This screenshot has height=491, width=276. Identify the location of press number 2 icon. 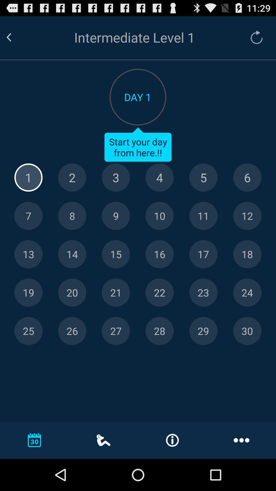
(72, 177).